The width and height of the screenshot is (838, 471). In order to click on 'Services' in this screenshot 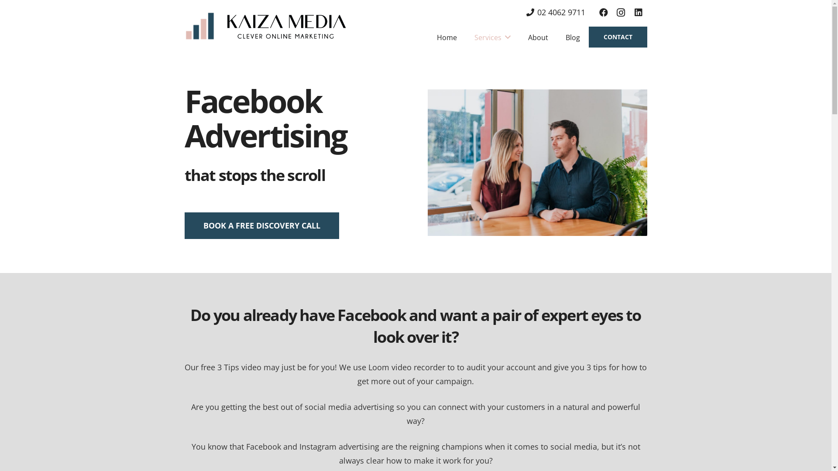, I will do `click(465, 37)`.